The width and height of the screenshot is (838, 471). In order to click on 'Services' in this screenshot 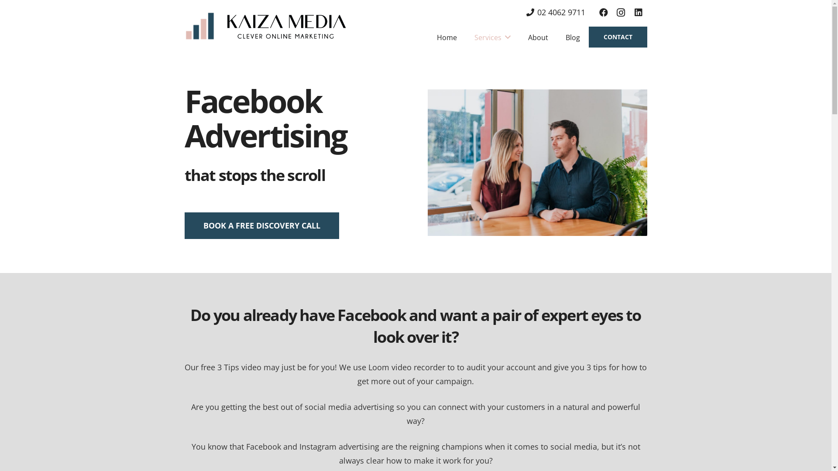, I will do `click(465, 37)`.